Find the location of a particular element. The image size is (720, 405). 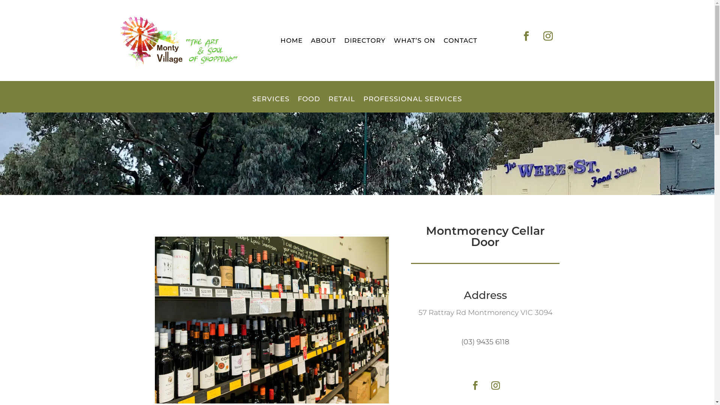

'Monty Shopping Village' is located at coordinates (176, 40).